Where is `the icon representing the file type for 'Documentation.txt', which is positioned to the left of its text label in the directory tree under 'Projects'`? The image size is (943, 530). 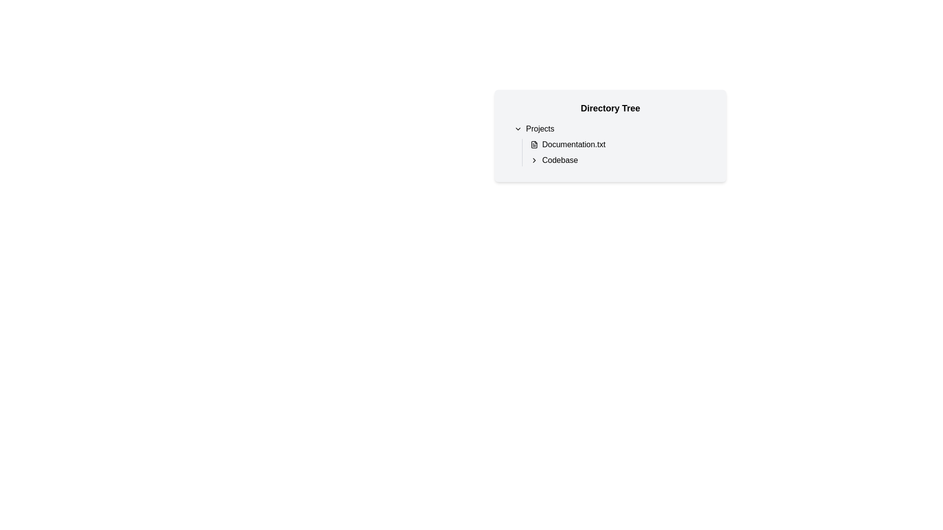
the icon representing the file type for 'Documentation.txt', which is positioned to the left of its text label in the directory tree under 'Projects' is located at coordinates (534, 144).